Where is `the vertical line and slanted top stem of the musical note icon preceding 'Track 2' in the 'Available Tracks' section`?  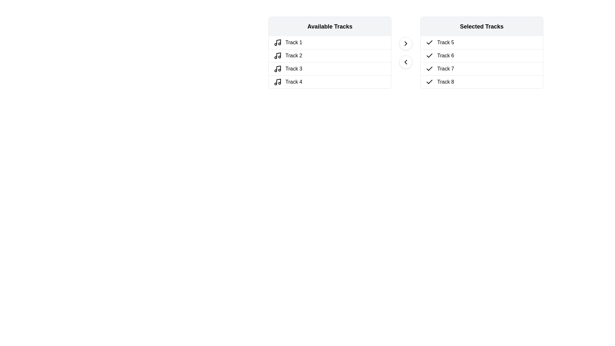
the vertical line and slanted top stem of the musical note icon preceding 'Track 2' in the 'Available Tracks' section is located at coordinates (278, 55).